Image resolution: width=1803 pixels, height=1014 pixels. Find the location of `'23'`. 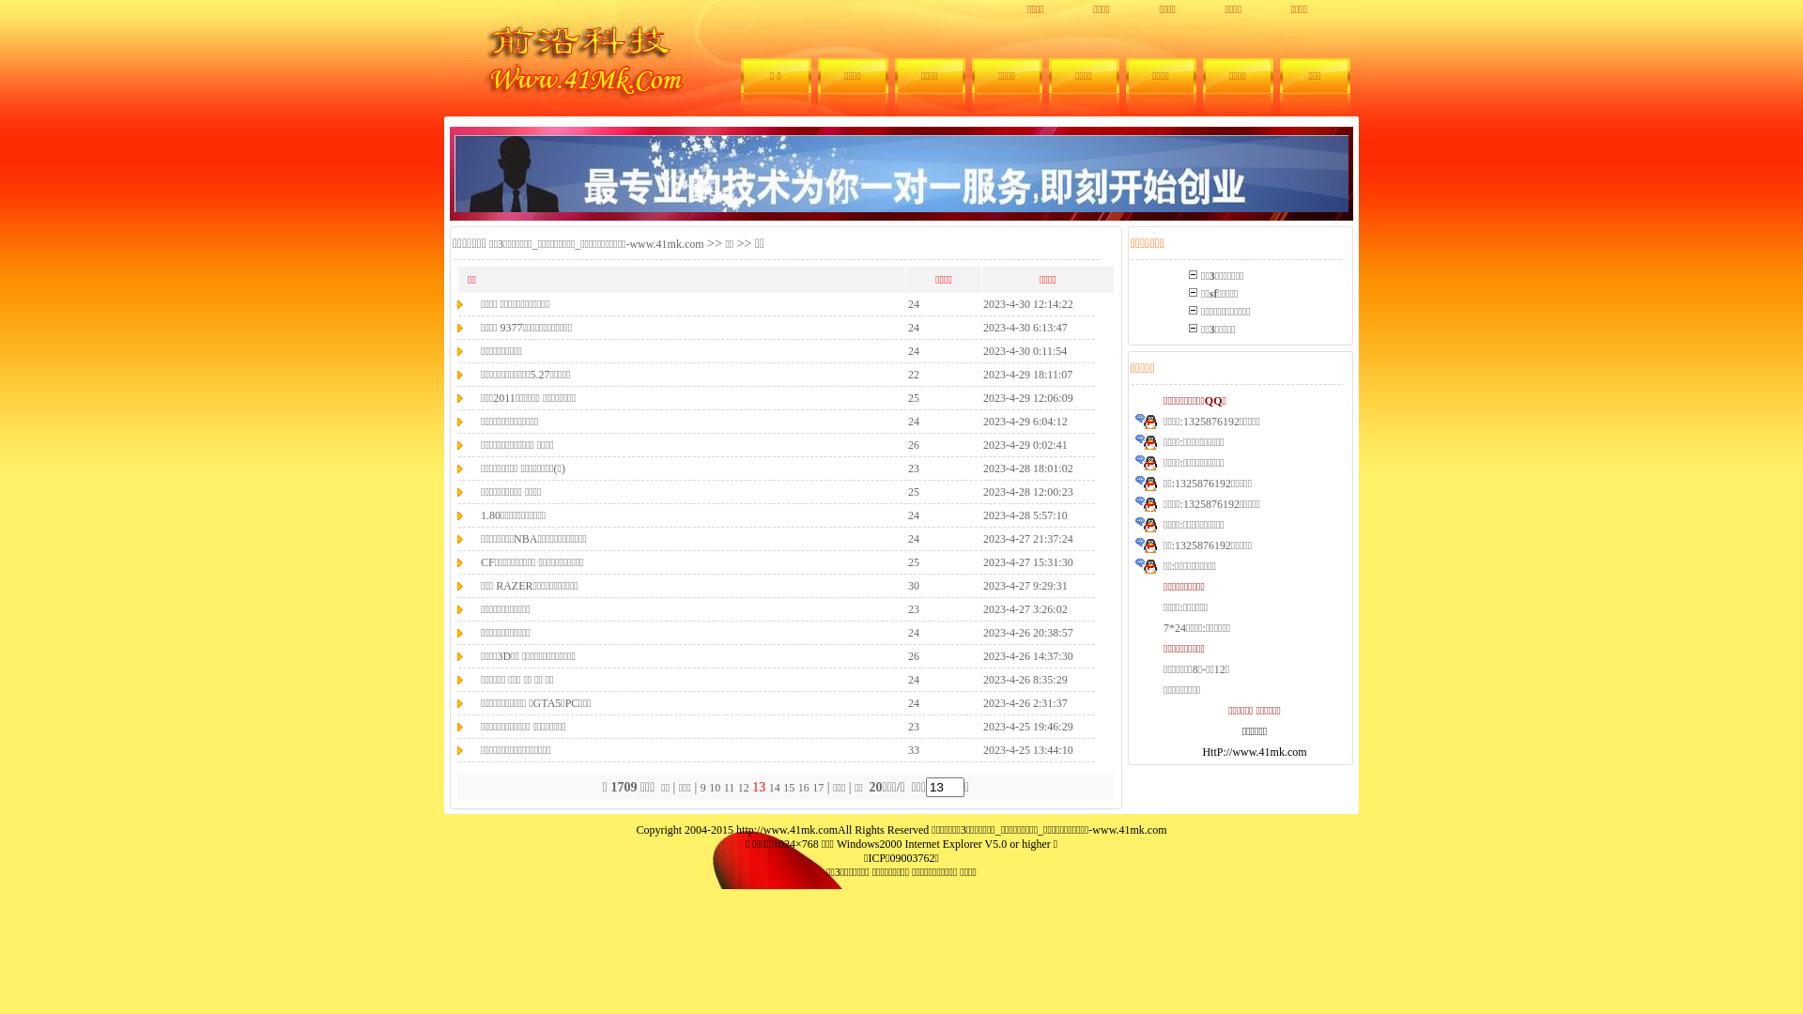

'23' is located at coordinates (914, 724).